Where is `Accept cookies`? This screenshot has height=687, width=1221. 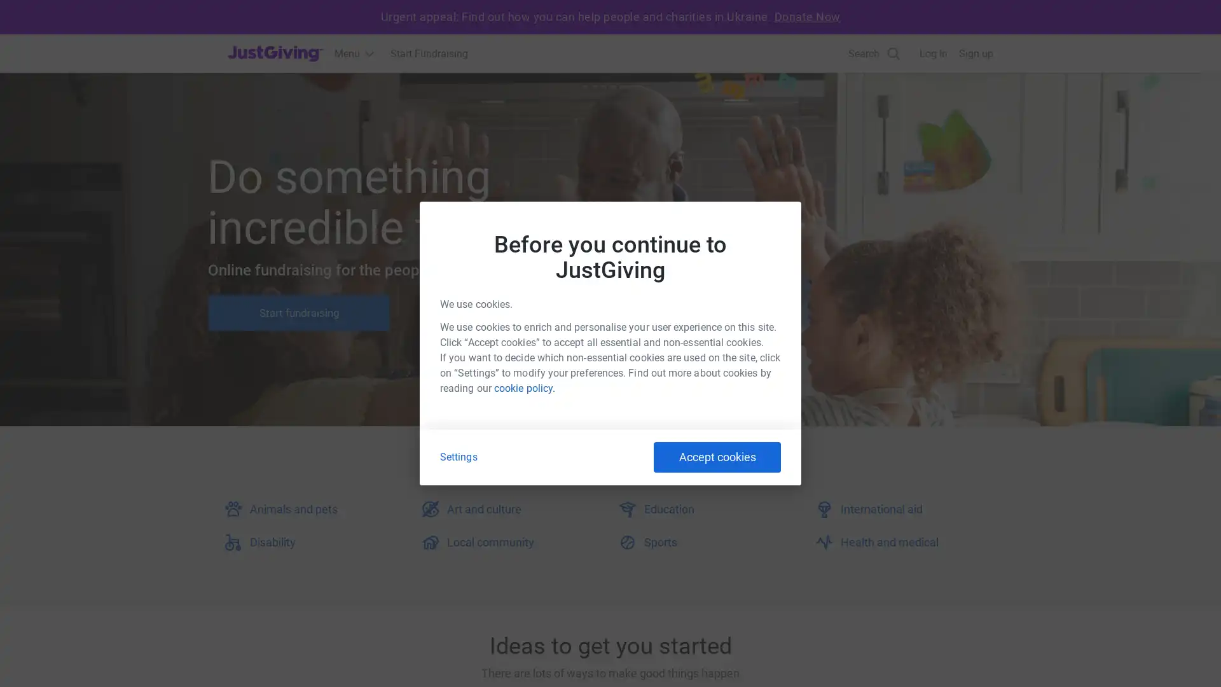 Accept cookies is located at coordinates (717, 456).